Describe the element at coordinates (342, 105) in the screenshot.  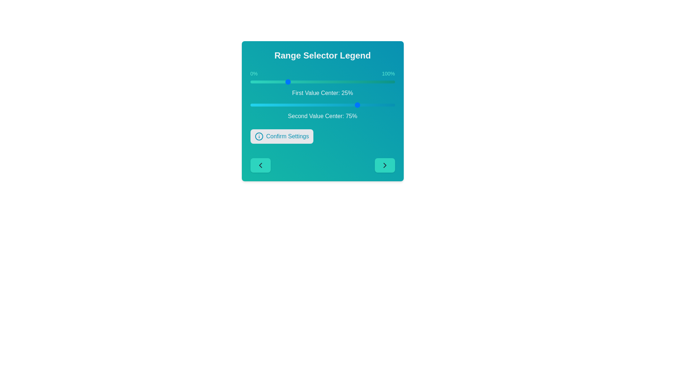
I see `the slider value` at that location.